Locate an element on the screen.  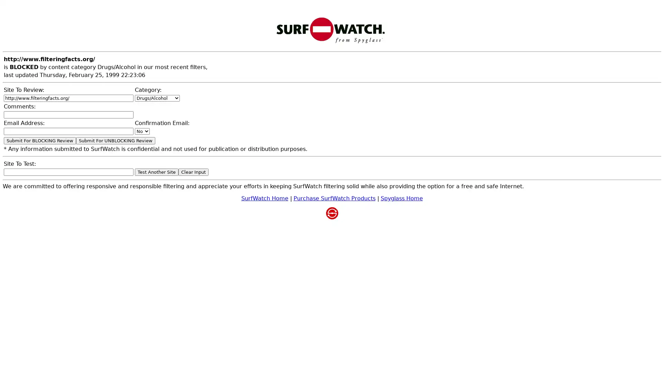
Clear Input is located at coordinates (193, 172).